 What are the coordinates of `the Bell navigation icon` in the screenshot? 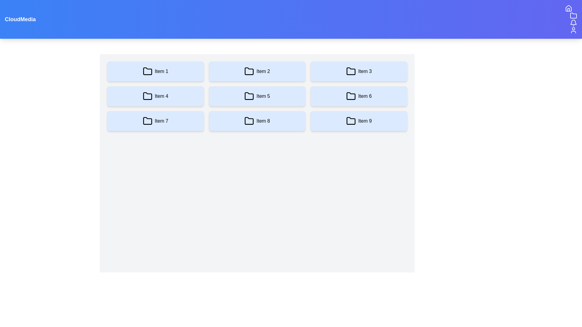 It's located at (573, 23).